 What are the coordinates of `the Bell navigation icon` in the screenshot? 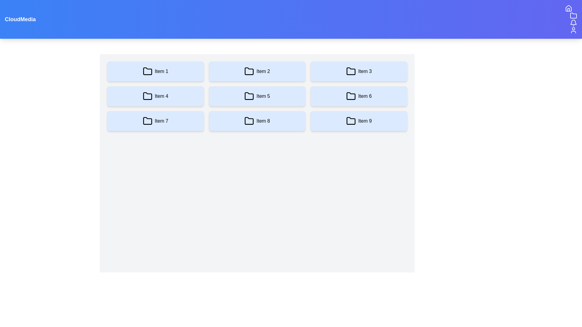 It's located at (573, 23).